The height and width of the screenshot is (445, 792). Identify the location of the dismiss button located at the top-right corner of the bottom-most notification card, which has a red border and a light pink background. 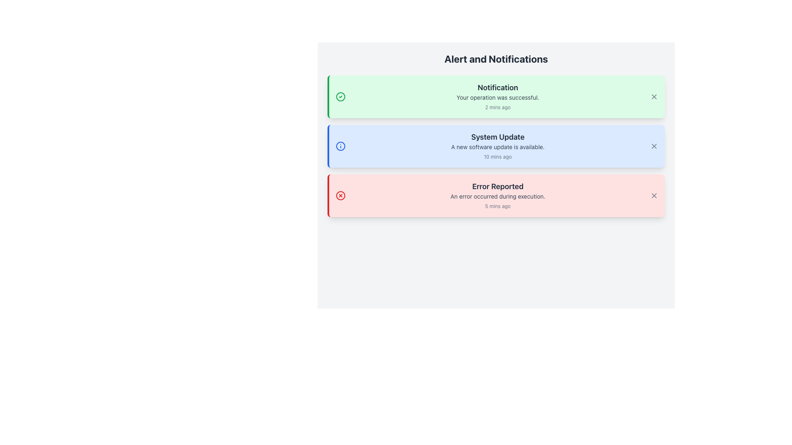
(653, 195).